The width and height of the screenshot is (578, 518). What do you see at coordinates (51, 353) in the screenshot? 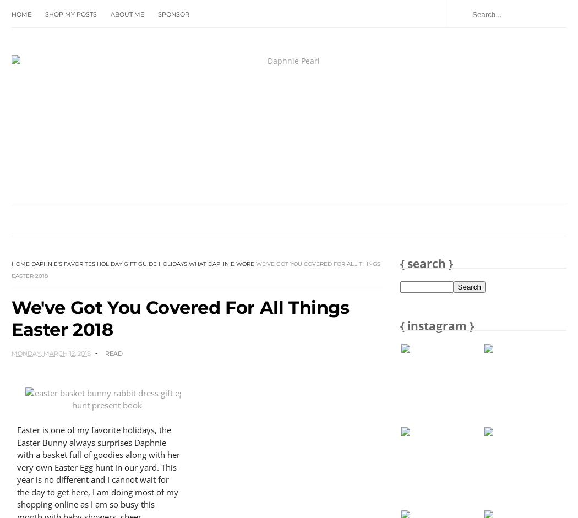
I see `'Monday, March 12, 2018'` at bounding box center [51, 353].